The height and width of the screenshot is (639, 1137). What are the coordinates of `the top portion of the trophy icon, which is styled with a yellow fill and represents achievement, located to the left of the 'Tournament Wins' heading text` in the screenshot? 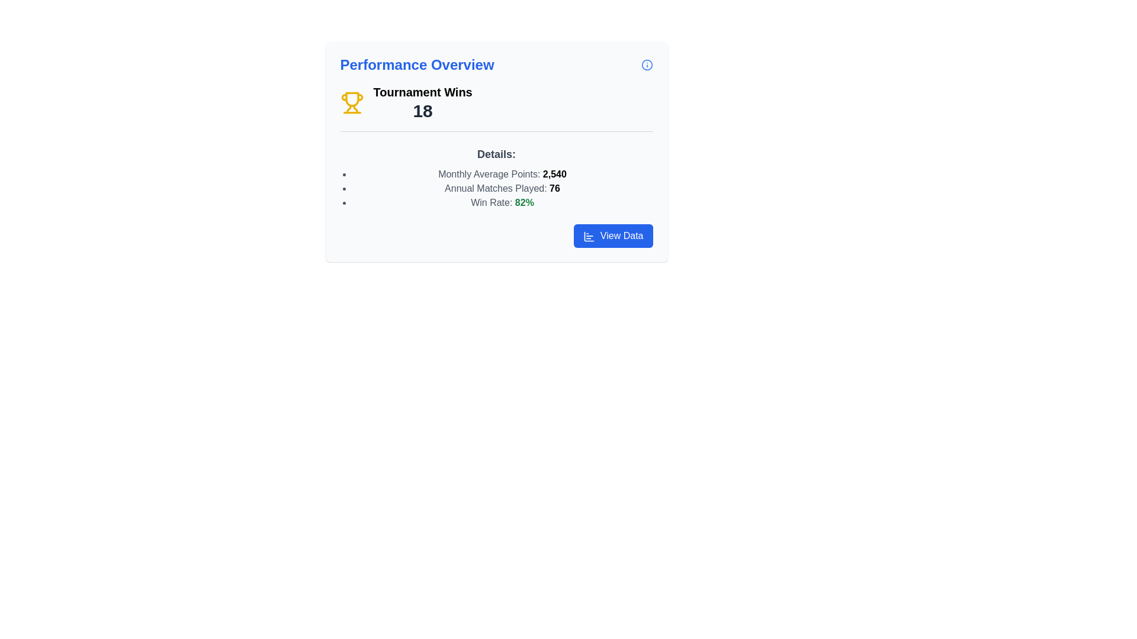 It's located at (351, 99).